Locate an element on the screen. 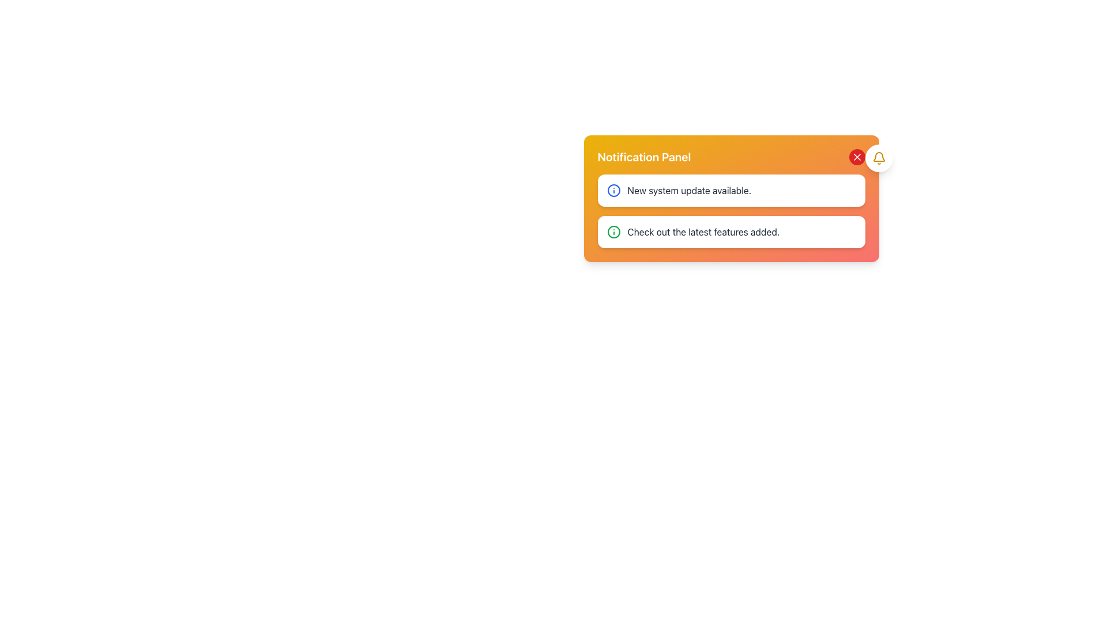 Image resolution: width=1107 pixels, height=622 pixels. the information icon located within the notification card in the bottom right corner, adjacent to the text 'Check out the latest features added.' is located at coordinates (613, 232).